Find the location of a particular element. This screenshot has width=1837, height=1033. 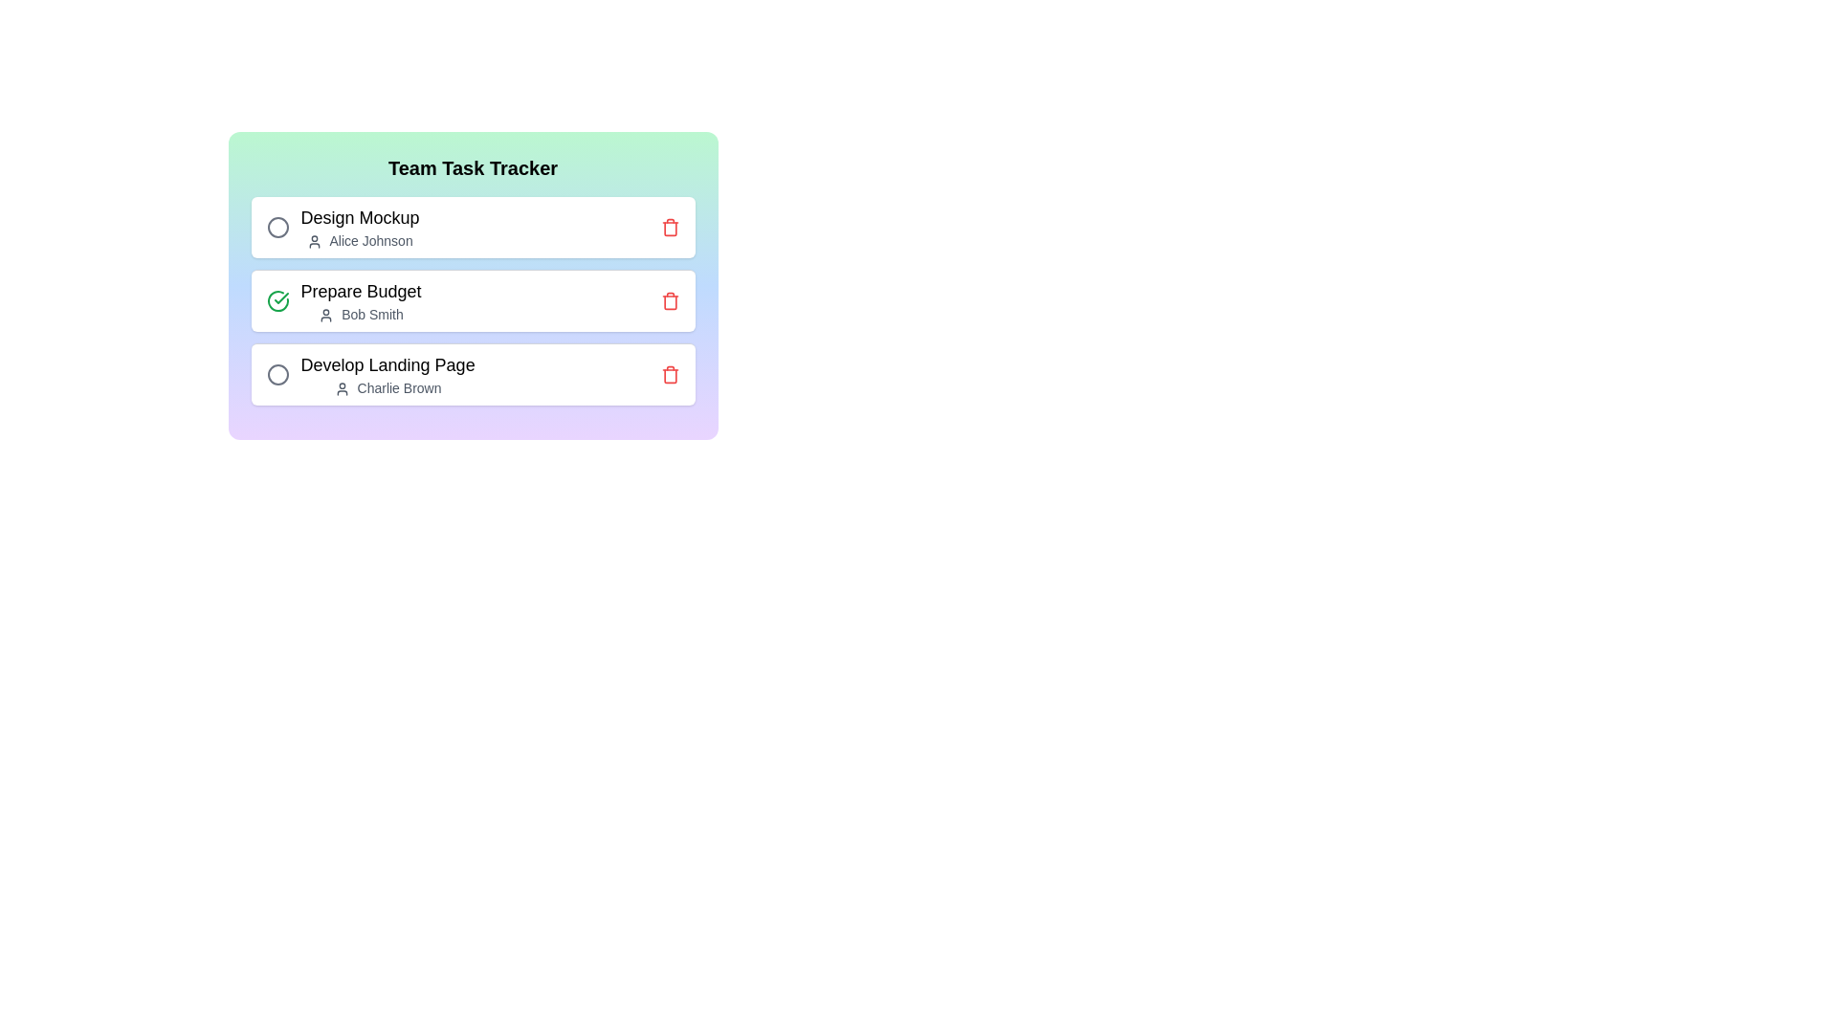

the trash icon to delete the task Develop Landing Page is located at coordinates (670, 375).